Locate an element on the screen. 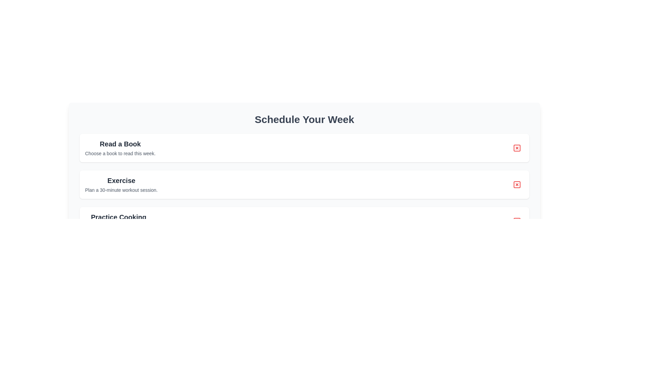 The height and width of the screenshot is (366, 651). the static text that reads 'Plan a 30-minute workout session.', which is styled with a small font size and gray color, located beneath the heading 'Exercise' is located at coordinates (121, 190).